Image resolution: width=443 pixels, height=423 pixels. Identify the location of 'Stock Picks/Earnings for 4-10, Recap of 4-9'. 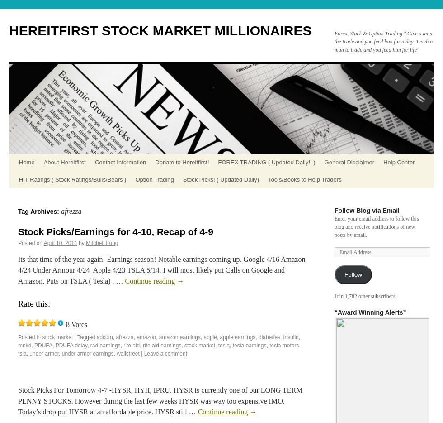
(18, 231).